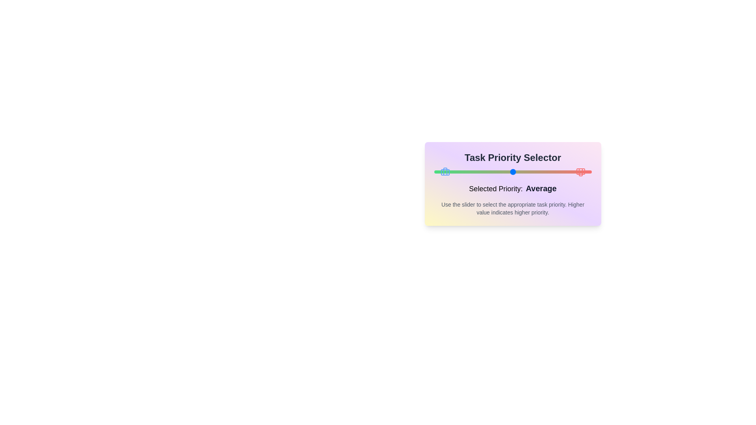 The image size is (756, 425). What do you see at coordinates (473, 171) in the screenshot?
I see `the slider to set the priority to 2` at bounding box center [473, 171].